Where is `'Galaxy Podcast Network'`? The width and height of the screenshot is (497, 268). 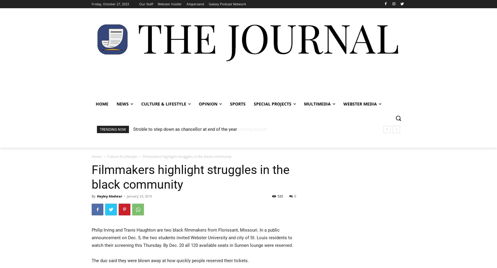
'Galaxy Podcast Network' is located at coordinates (208, 4).